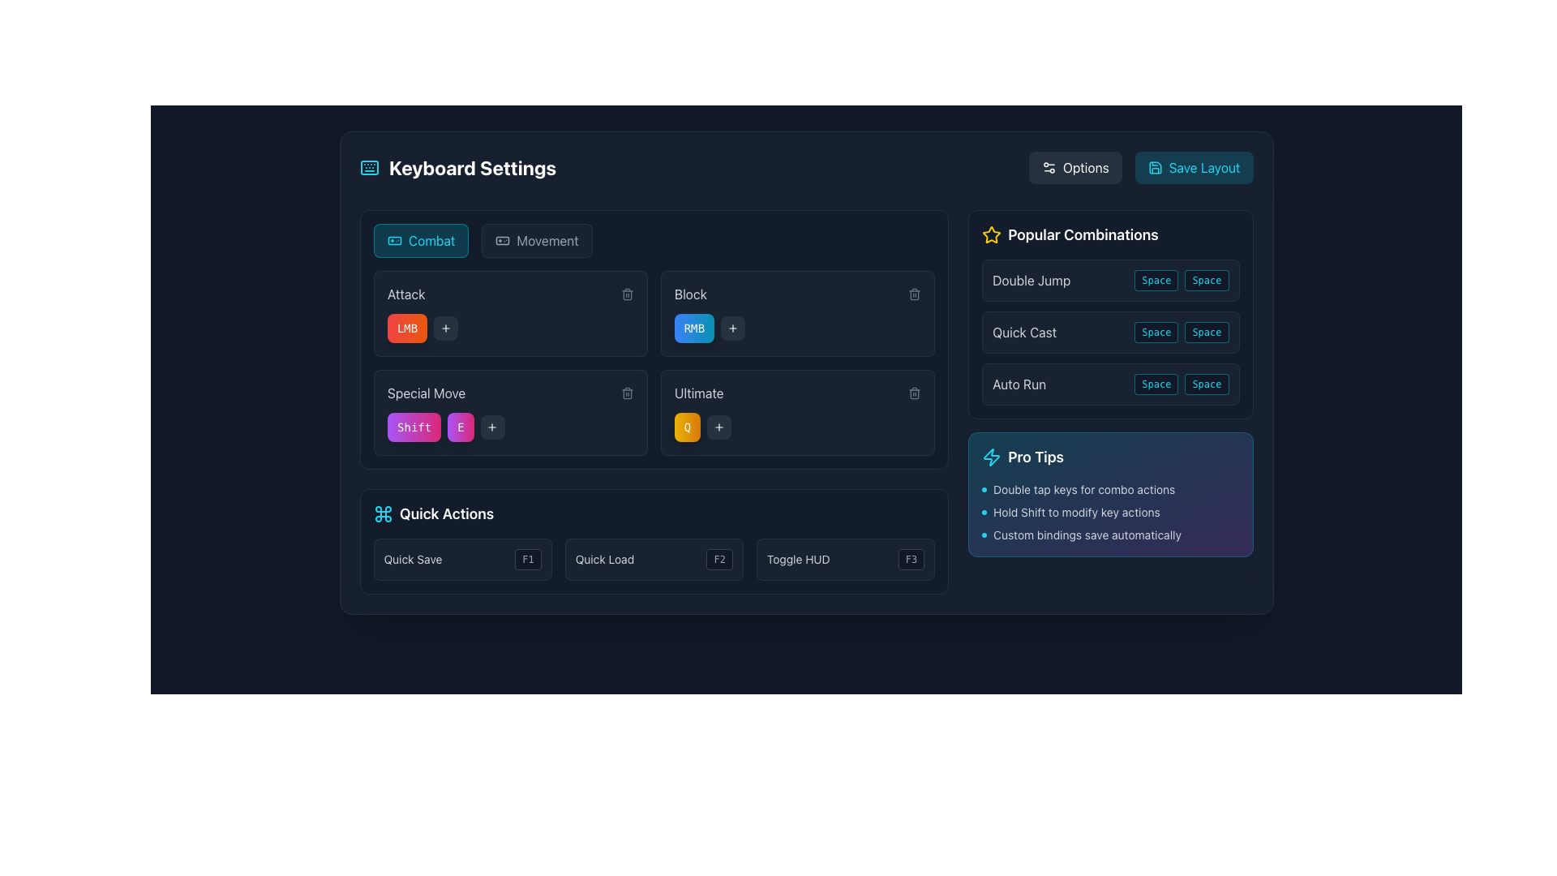 The height and width of the screenshot is (876, 1557). I want to click on the 'Attack' button in the configuration panel, so click(509, 313).